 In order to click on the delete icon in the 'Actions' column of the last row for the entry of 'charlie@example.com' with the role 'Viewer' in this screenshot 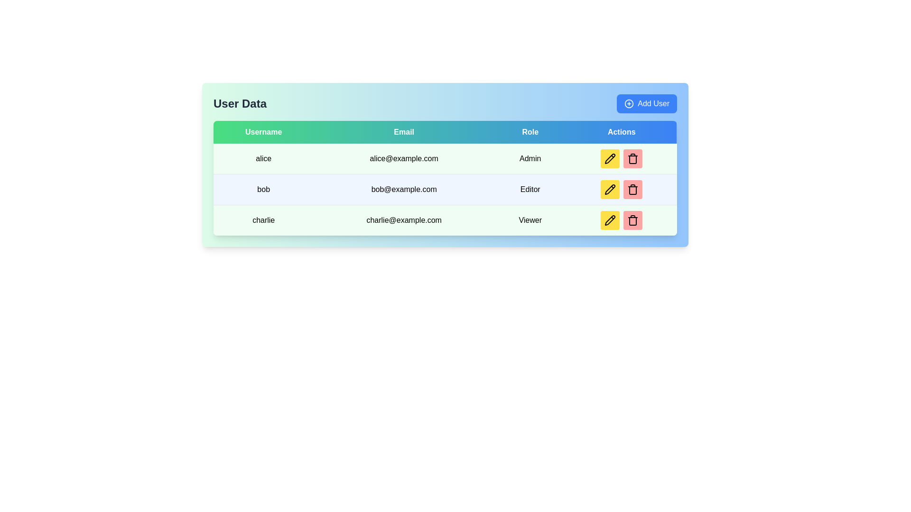, I will do `click(622, 219)`.